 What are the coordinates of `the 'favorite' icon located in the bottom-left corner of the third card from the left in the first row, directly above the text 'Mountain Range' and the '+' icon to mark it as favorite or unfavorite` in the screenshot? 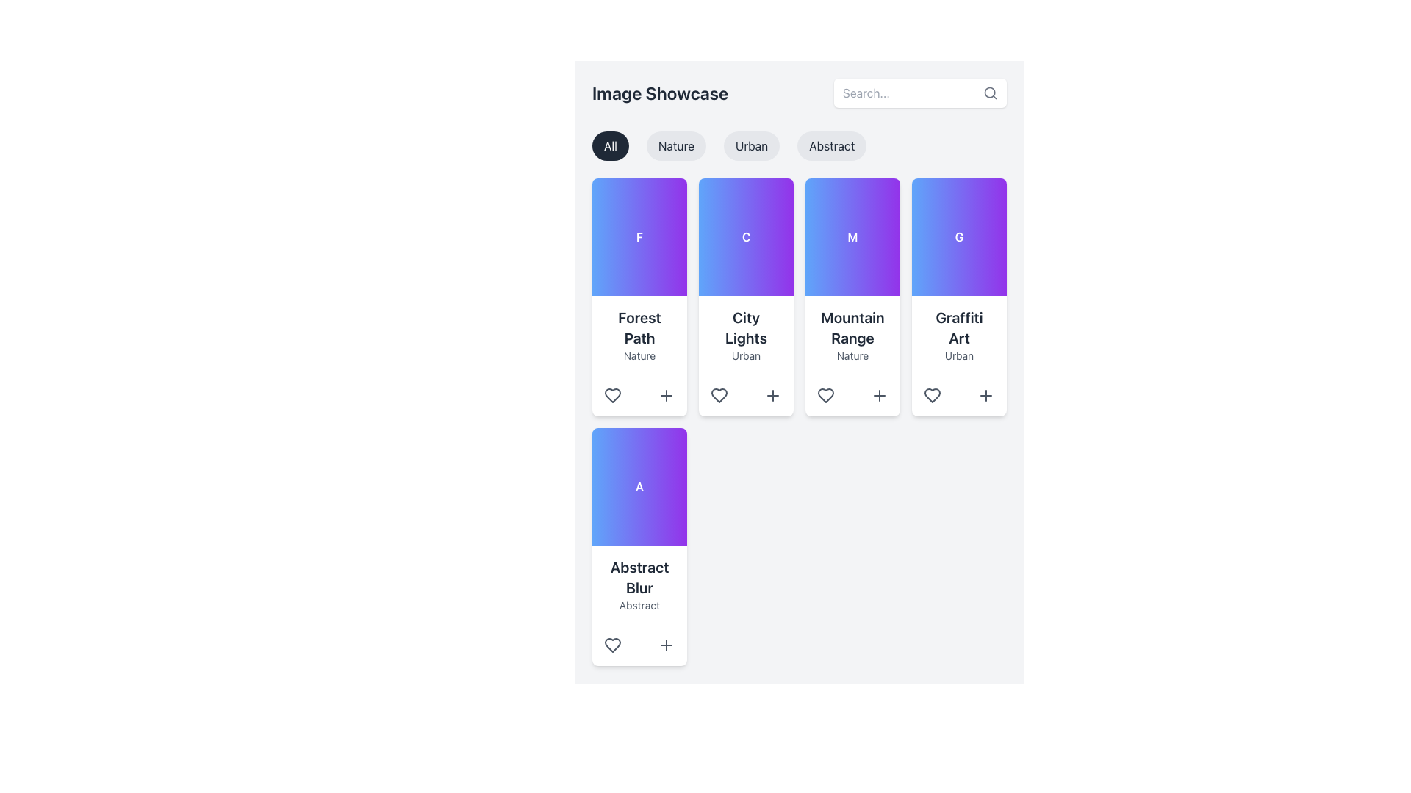 It's located at (825, 395).